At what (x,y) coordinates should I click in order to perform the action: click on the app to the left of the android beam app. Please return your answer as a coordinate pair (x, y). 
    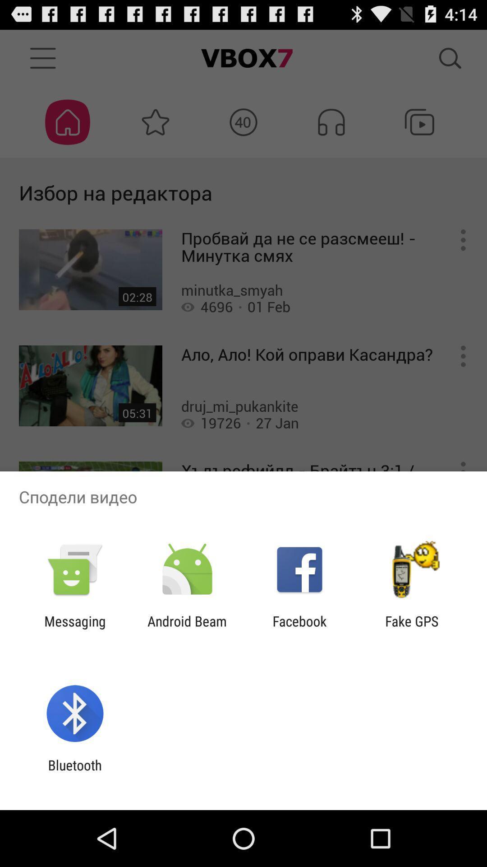
    Looking at the image, I should click on (74, 629).